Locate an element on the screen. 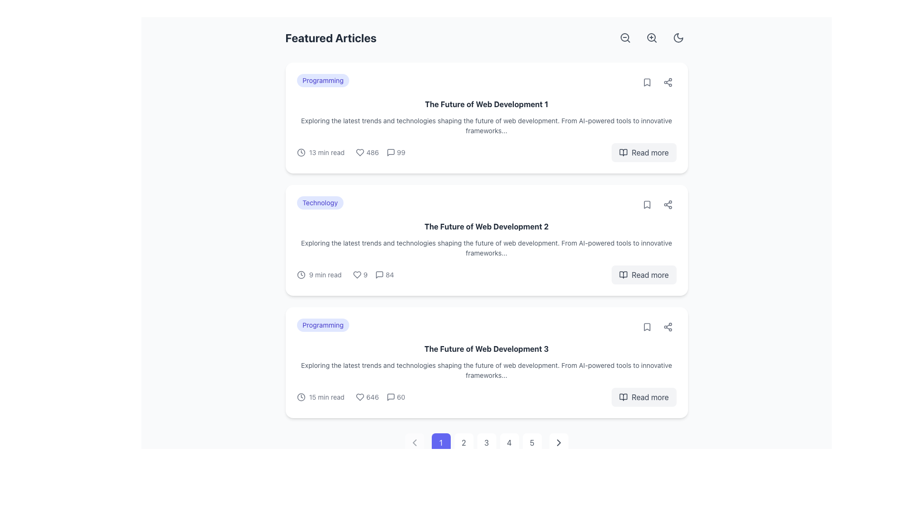 The width and height of the screenshot is (911, 512). displayed text from the label showing the estimated reading time for the article, located in the uppermost card of the article list, just to the left of the numerical statistic area is located at coordinates (320, 152).